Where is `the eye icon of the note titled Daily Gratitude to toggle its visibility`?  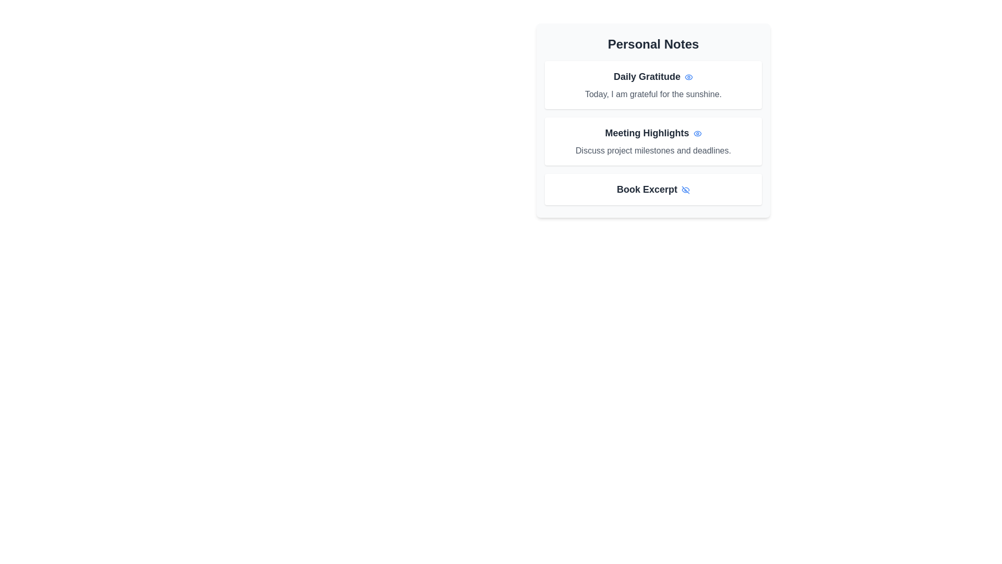
the eye icon of the note titled Daily Gratitude to toggle its visibility is located at coordinates (689, 76).